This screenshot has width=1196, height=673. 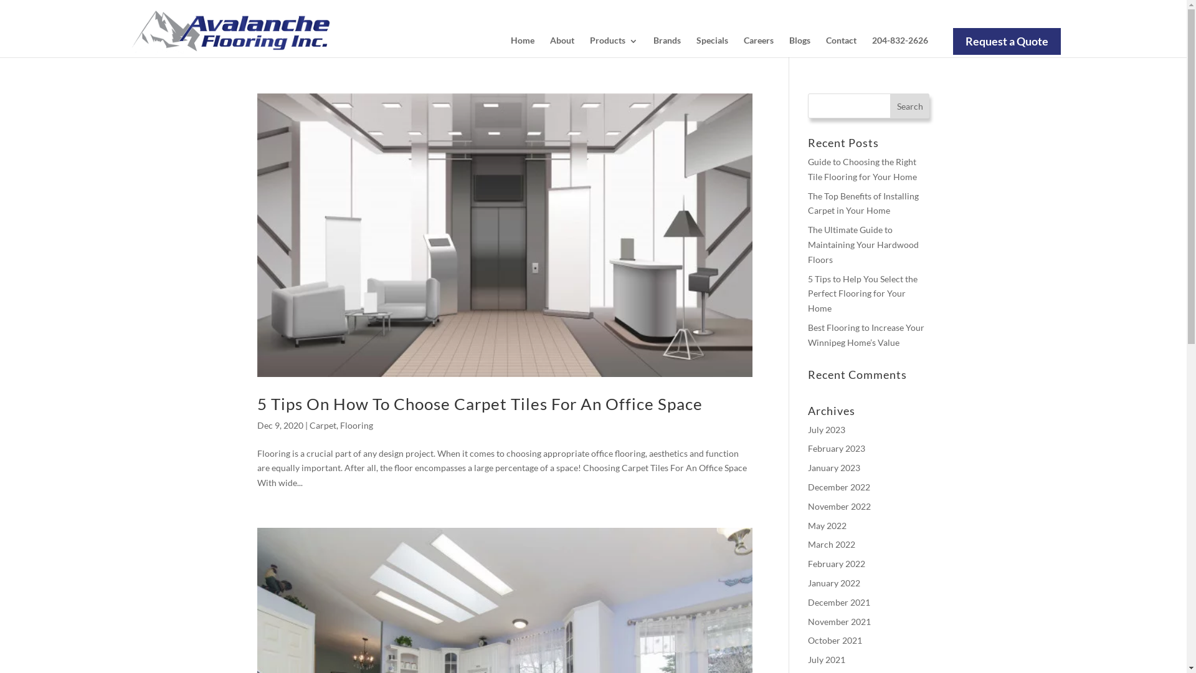 I want to click on 'October 2021', so click(x=807, y=640).